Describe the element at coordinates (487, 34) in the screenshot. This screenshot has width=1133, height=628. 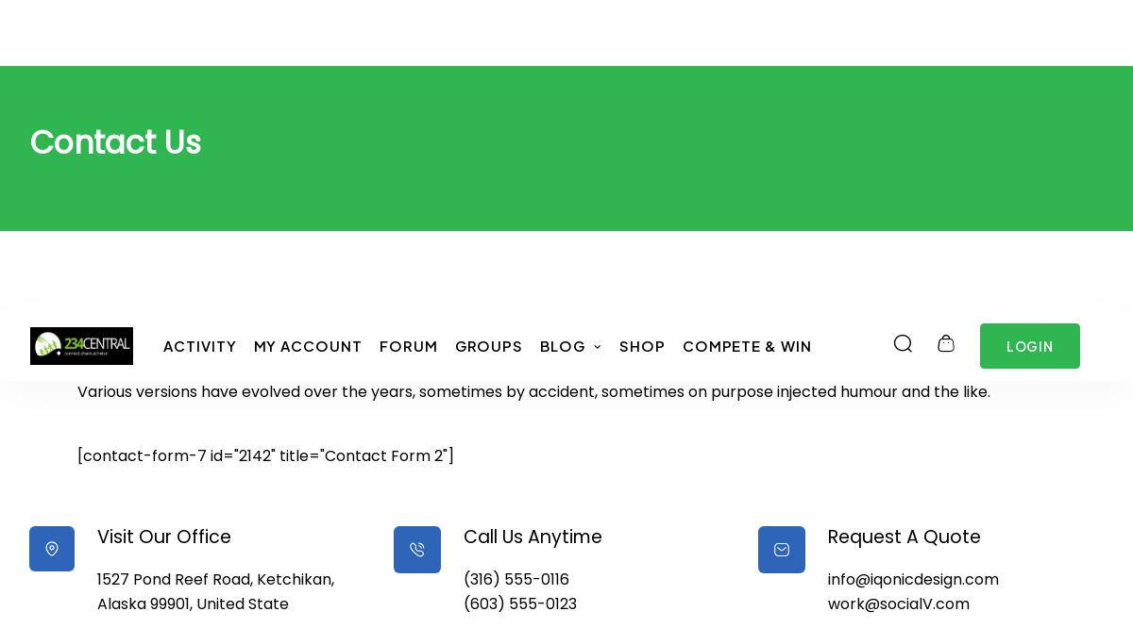
I see `'Groups'` at that location.